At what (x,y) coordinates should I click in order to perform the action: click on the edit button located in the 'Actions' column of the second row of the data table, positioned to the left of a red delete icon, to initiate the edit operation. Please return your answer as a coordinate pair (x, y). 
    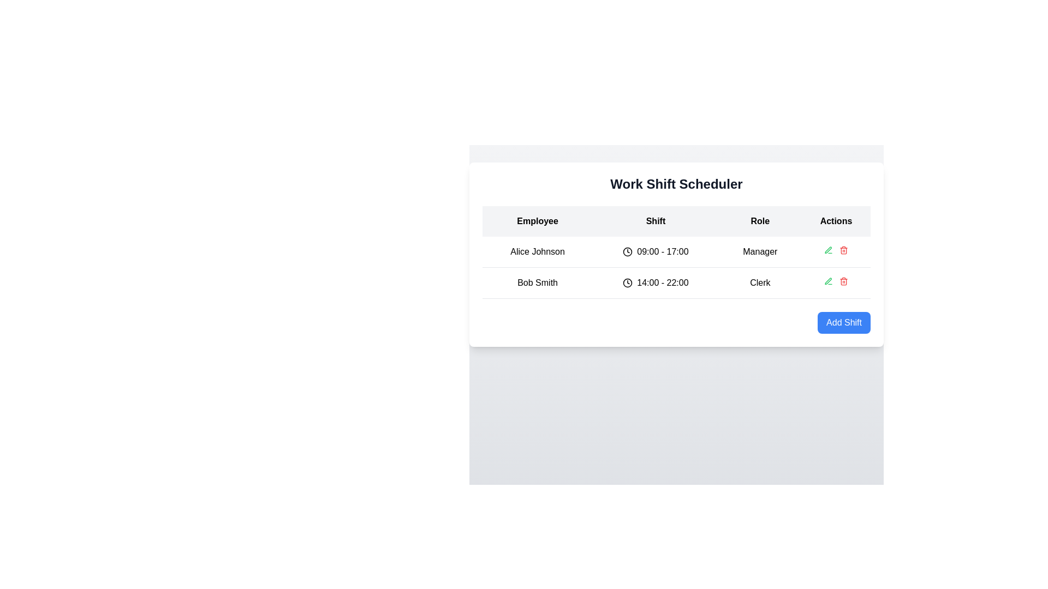
    Looking at the image, I should click on (828, 250).